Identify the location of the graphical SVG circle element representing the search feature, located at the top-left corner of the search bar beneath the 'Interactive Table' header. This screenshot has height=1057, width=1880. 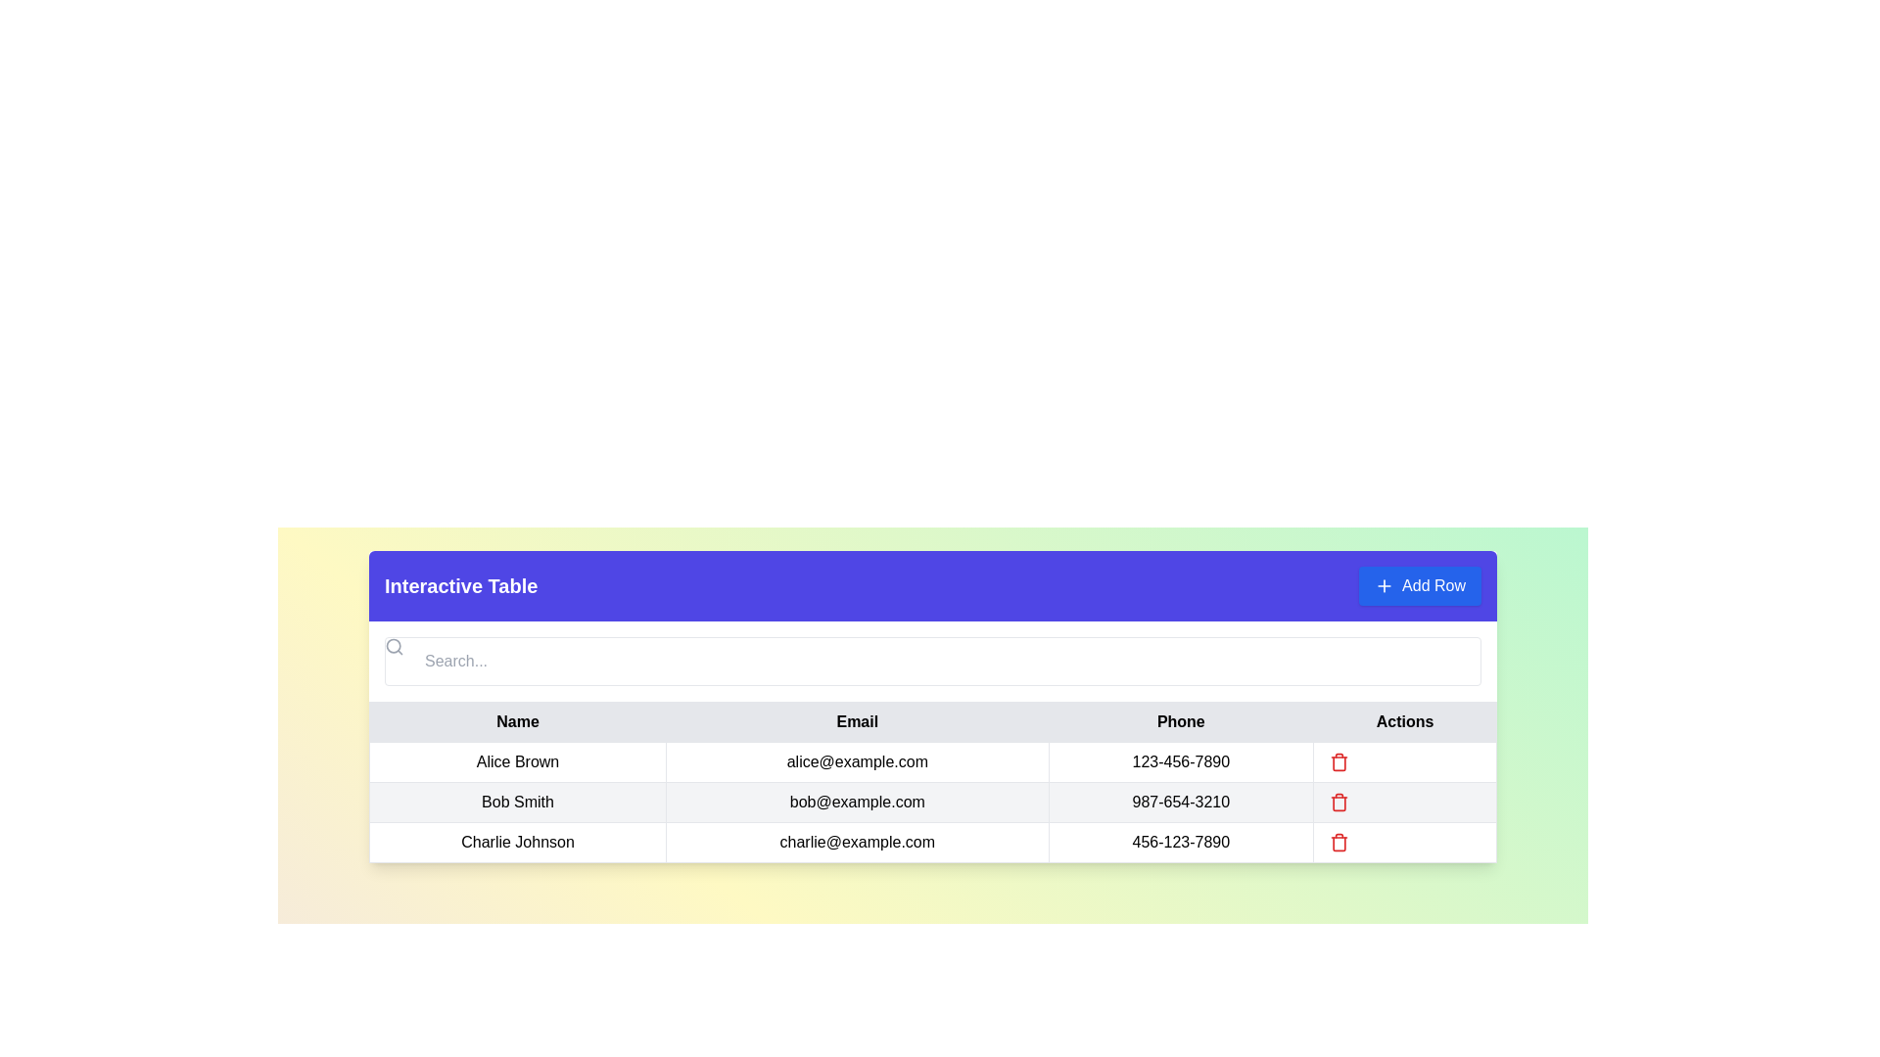
(393, 646).